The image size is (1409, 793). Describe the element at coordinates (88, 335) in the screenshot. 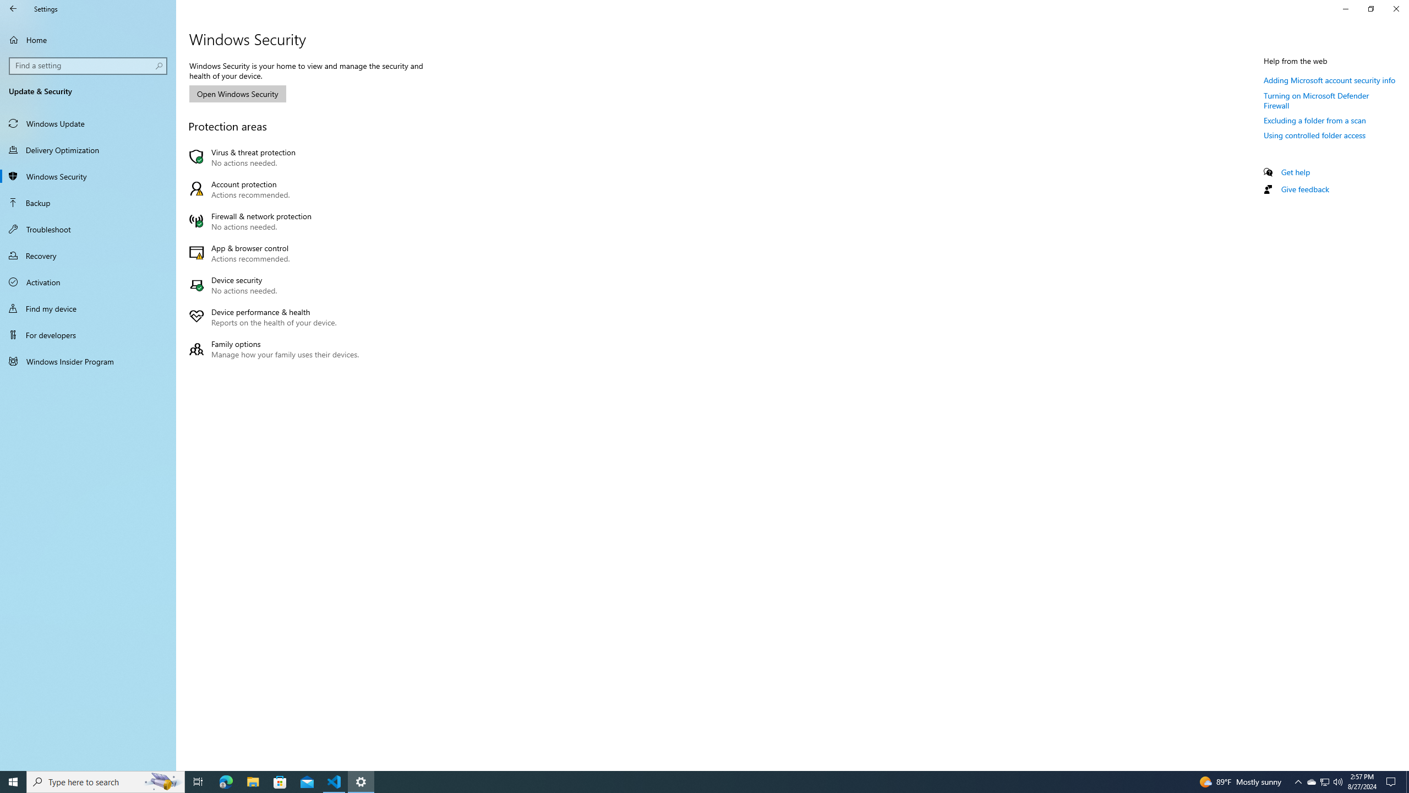

I see `'For developers'` at that location.